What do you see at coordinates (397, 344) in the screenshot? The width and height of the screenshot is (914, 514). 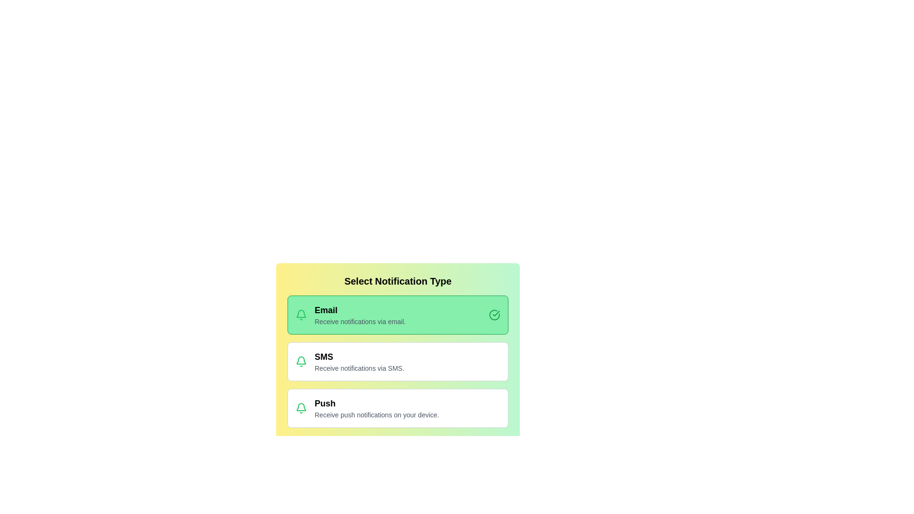 I see `the 'SMS' notification type card, which is the second card in the notification selection list, framed in light border and labeled 'SMS' with the description 'Receive notifications via SMS.'` at bounding box center [397, 344].